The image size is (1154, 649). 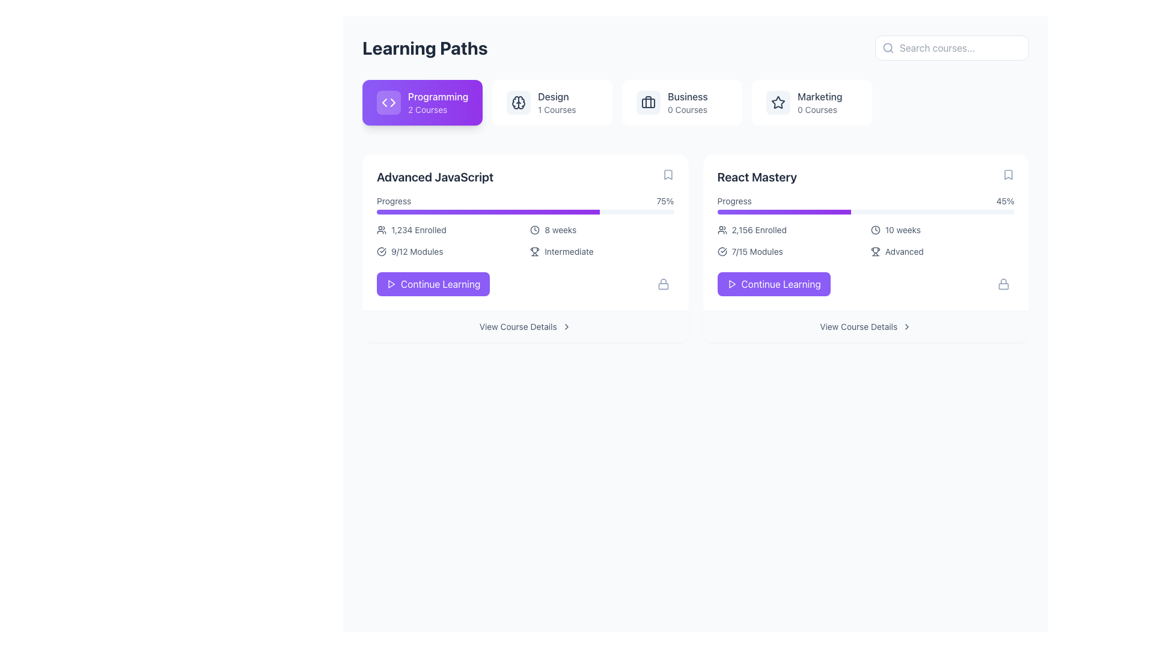 I want to click on the static text label below the 'Marketing' label that indicates the number of courses available in the 'Marketing' category, which currently shows zero, so click(x=819, y=109).